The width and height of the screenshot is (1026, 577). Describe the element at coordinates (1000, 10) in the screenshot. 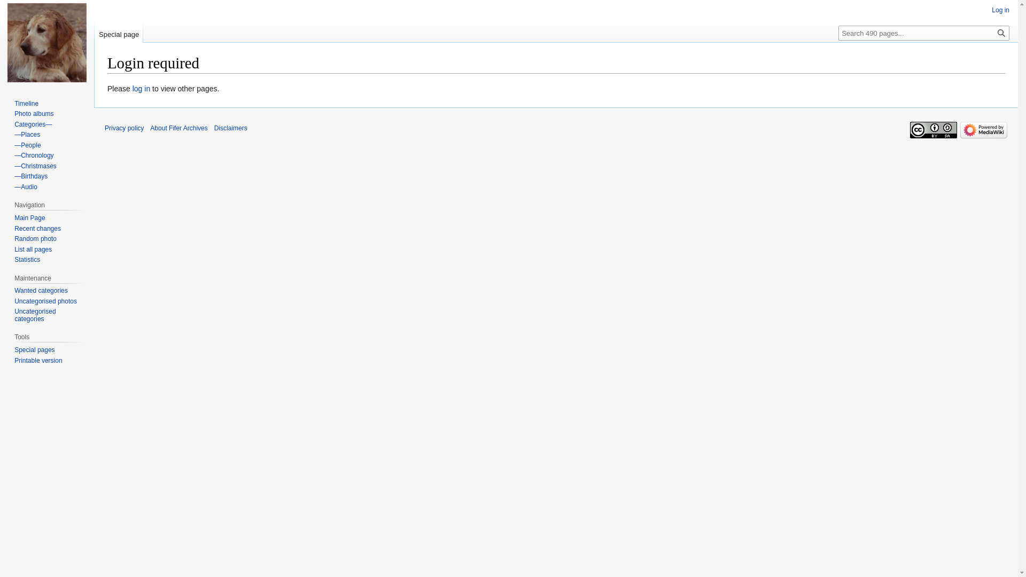

I see `'Log in'` at that location.